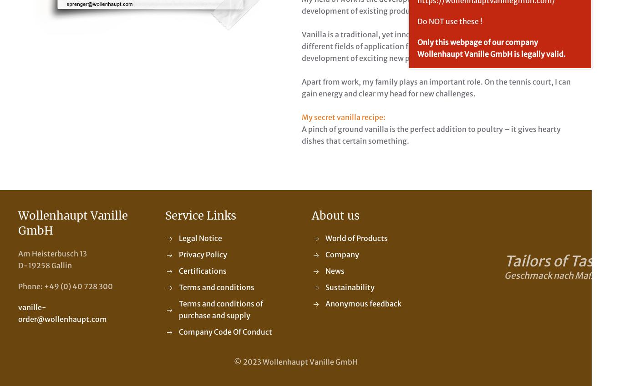 The height and width of the screenshot is (386, 619). I want to click on 'Wollenhaupt Vanille GmbH', so click(73, 222).